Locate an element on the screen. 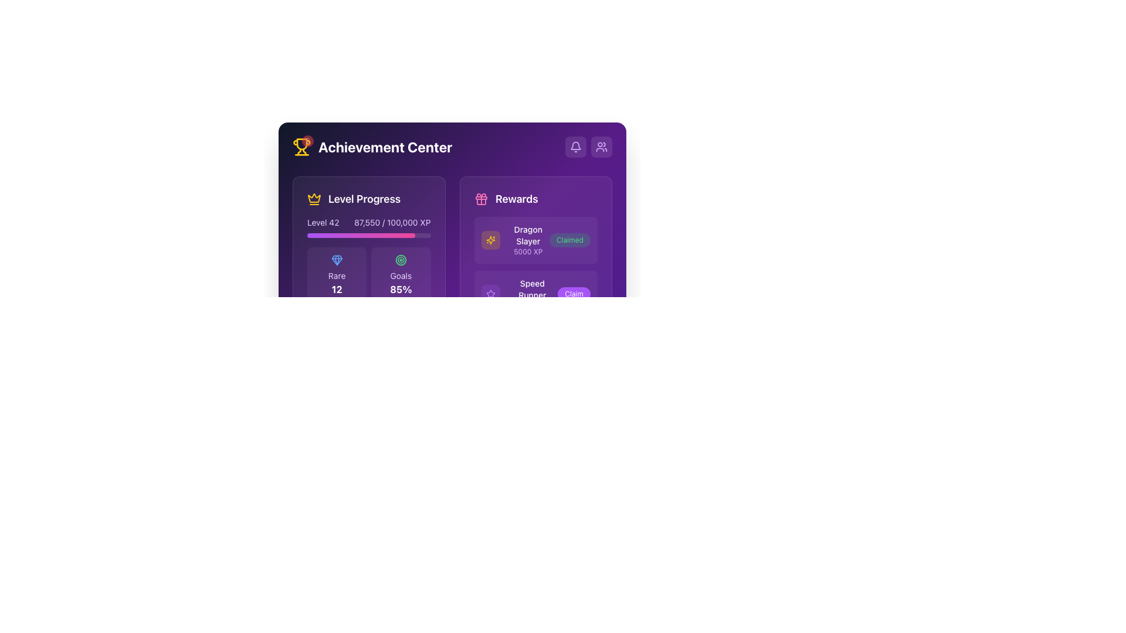 Image resolution: width=1126 pixels, height=633 pixels. the text label displaying the user's current level, which shows 'Level 42' and is located on the left side within the 'Level Progress' section of the application is located at coordinates (323, 223).